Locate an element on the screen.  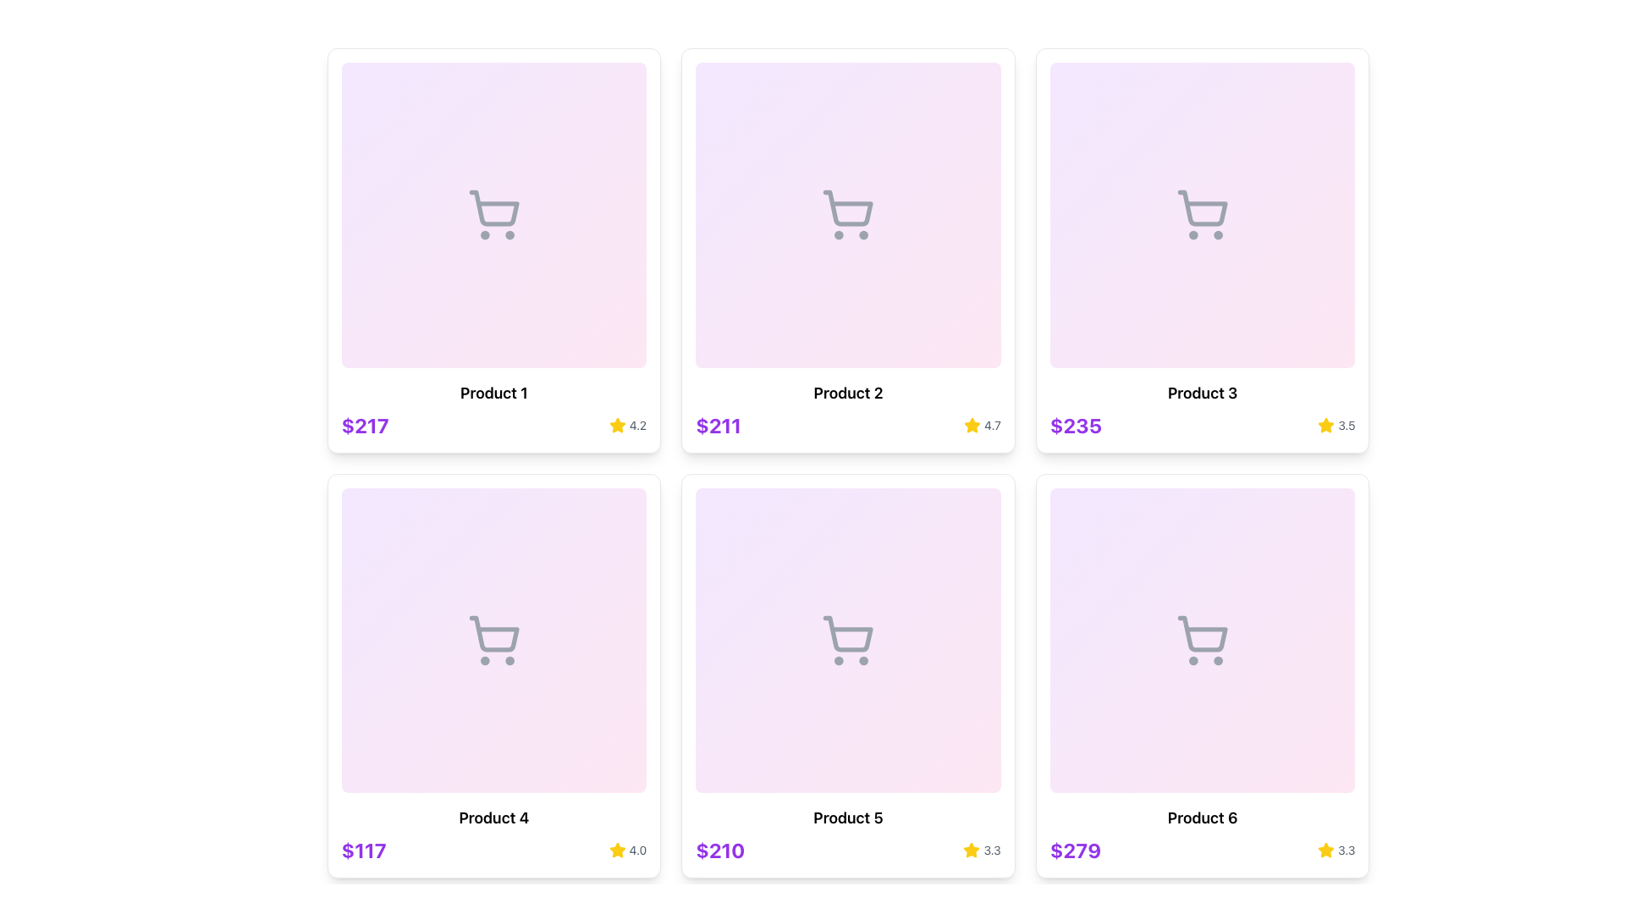
the shopping cart icon located in the sixth product card's header area is located at coordinates (1202, 640).